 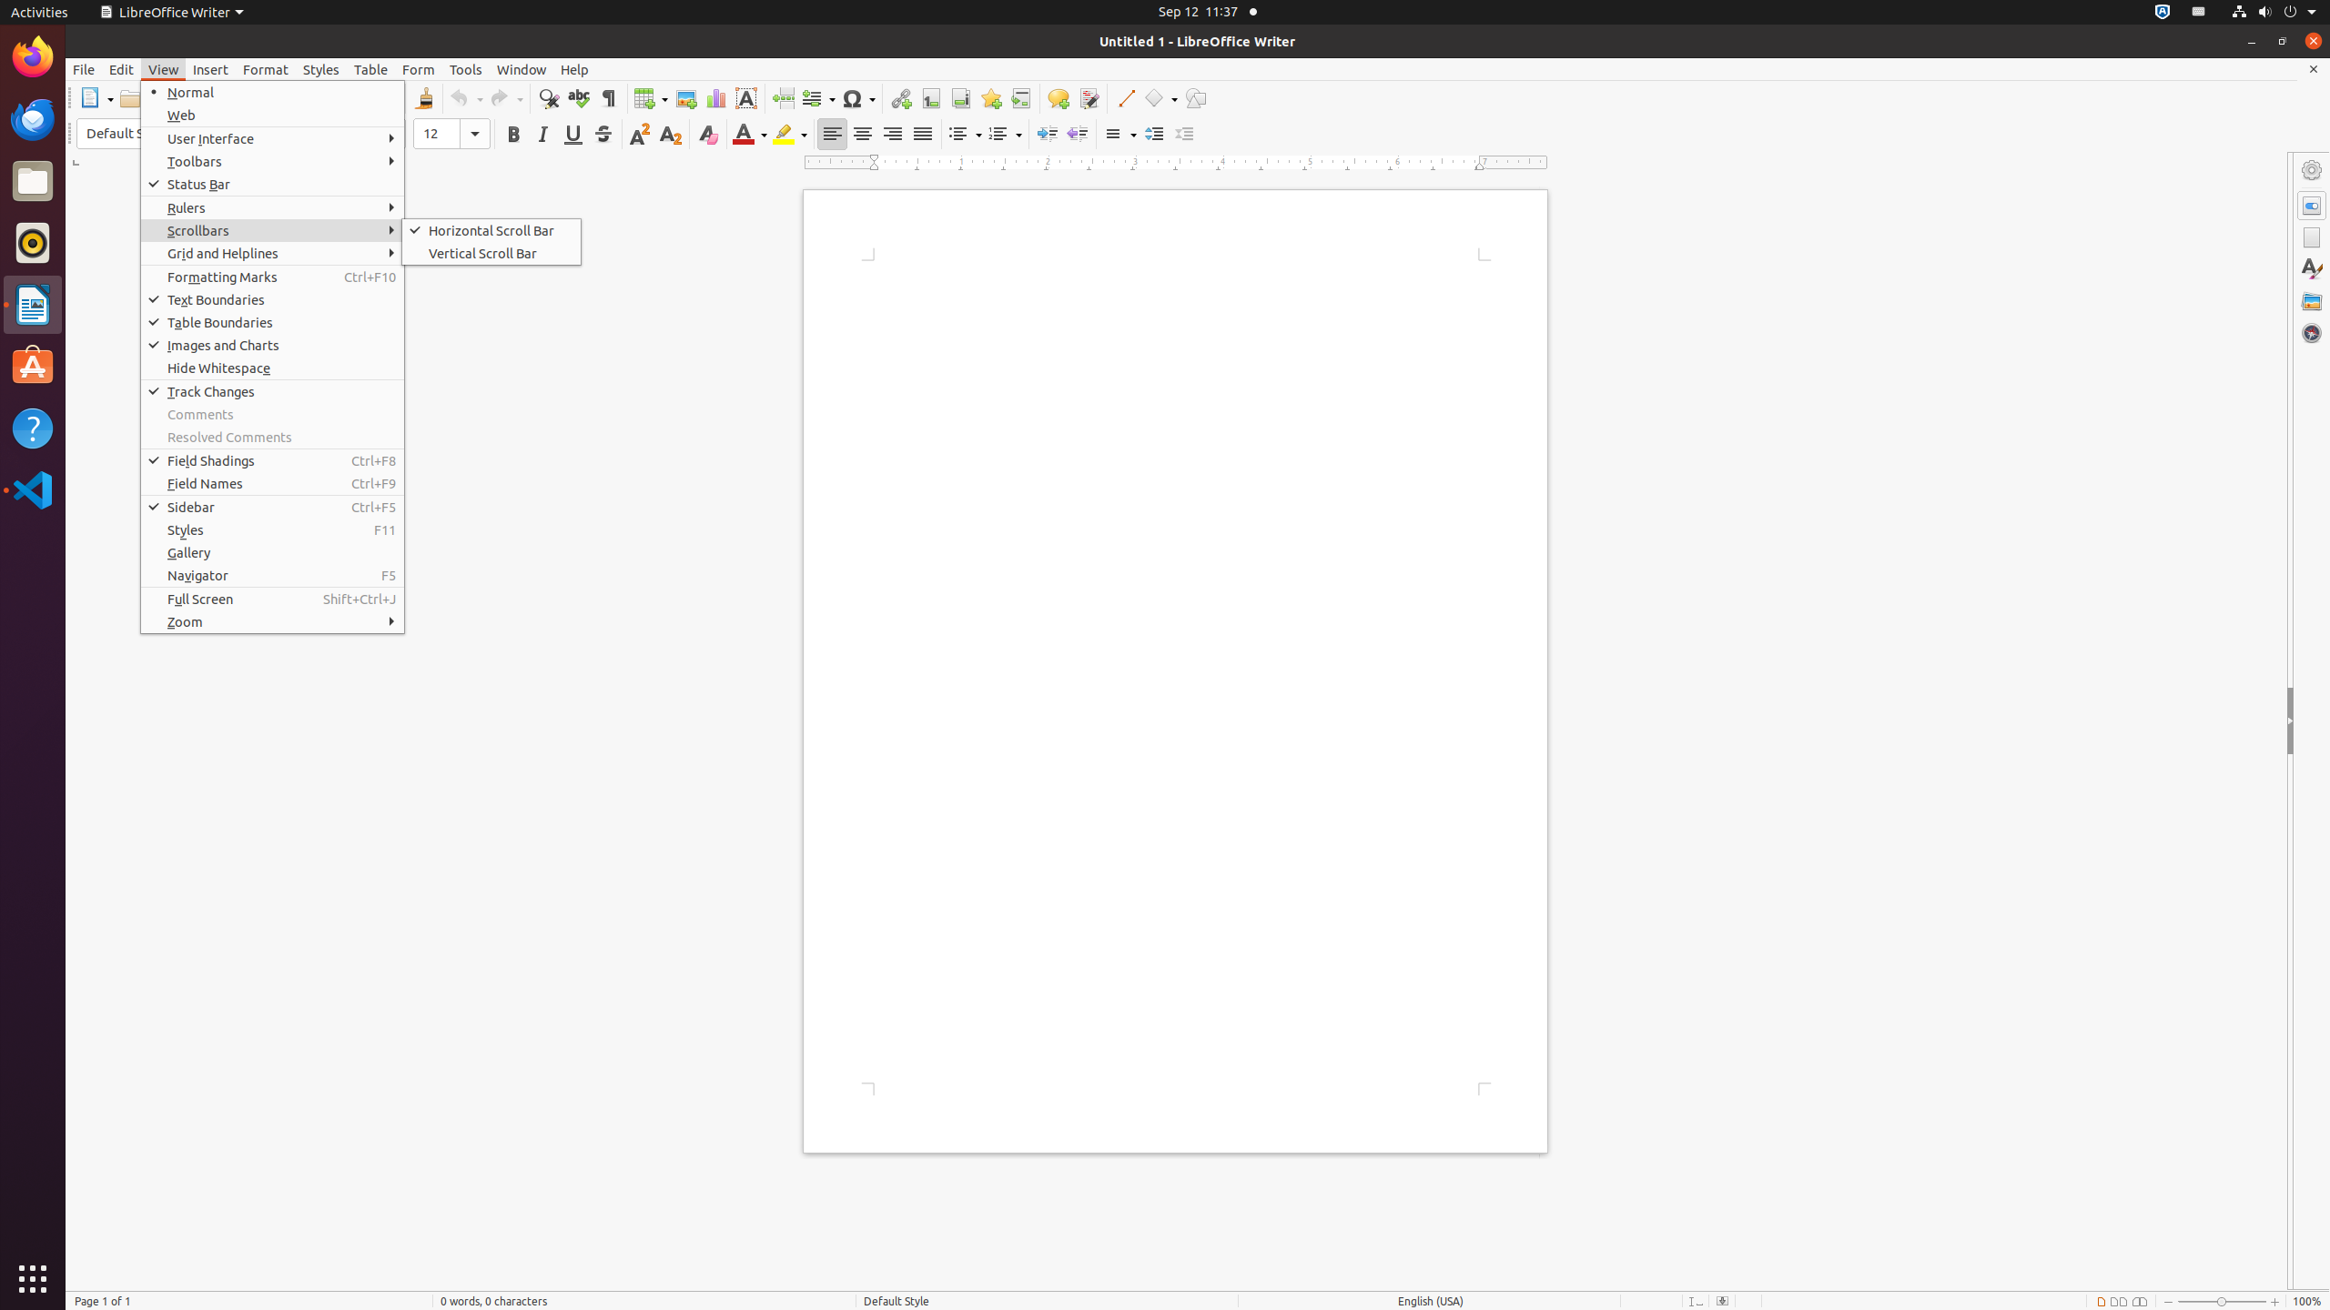 What do you see at coordinates (706, 133) in the screenshot?
I see `'Clear'` at bounding box center [706, 133].